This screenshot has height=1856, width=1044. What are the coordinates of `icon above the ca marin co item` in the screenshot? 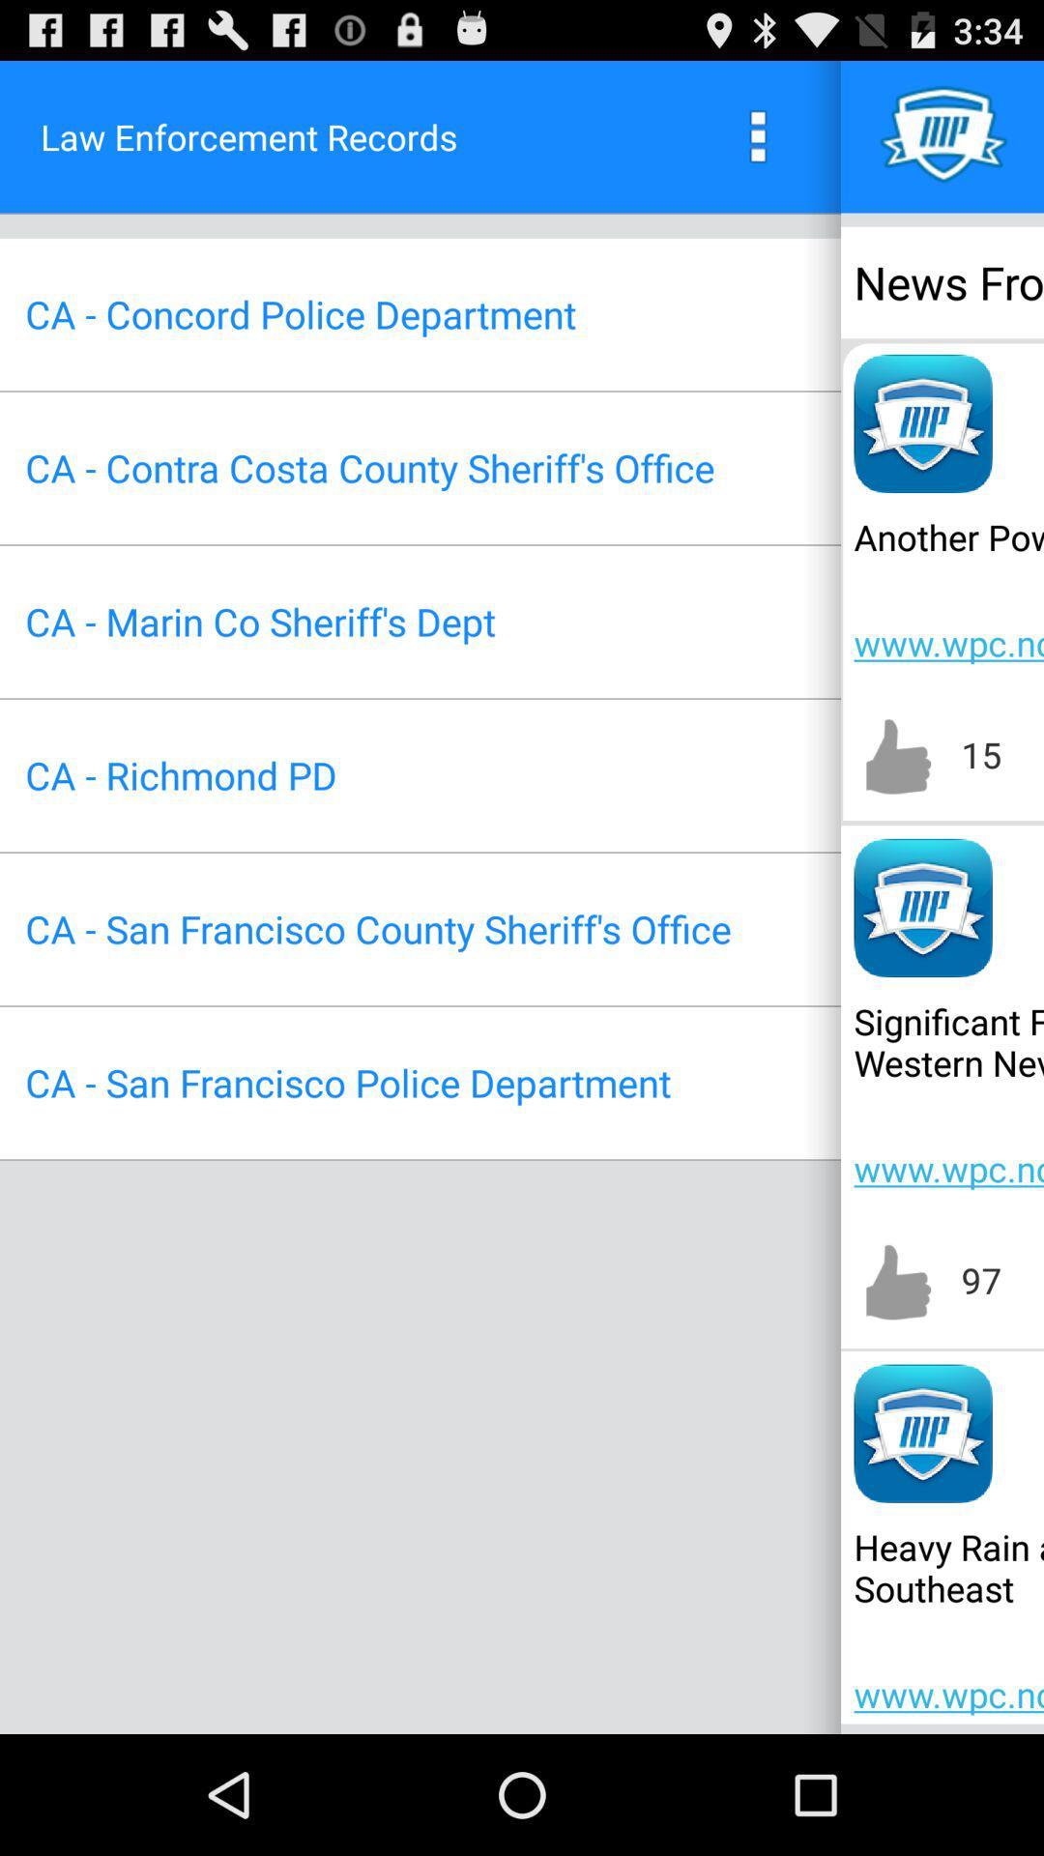 It's located at (369, 468).